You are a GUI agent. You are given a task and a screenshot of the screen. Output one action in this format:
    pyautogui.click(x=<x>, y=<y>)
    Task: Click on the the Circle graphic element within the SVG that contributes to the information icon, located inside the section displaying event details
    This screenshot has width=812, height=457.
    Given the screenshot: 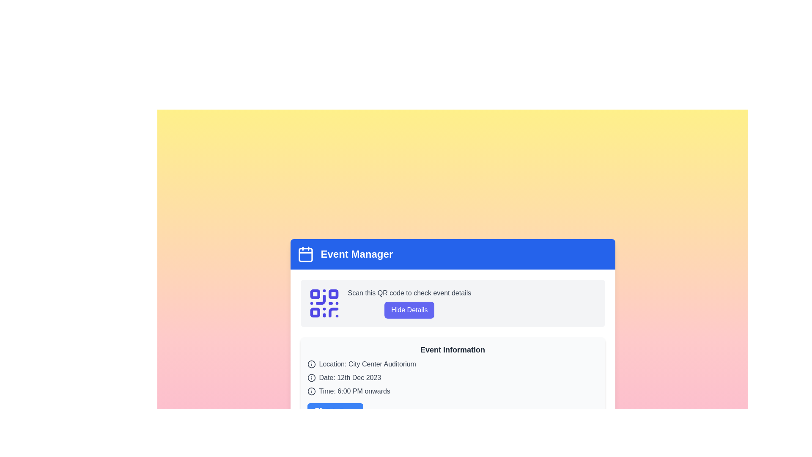 What is the action you would take?
    pyautogui.click(x=311, y=377)
    